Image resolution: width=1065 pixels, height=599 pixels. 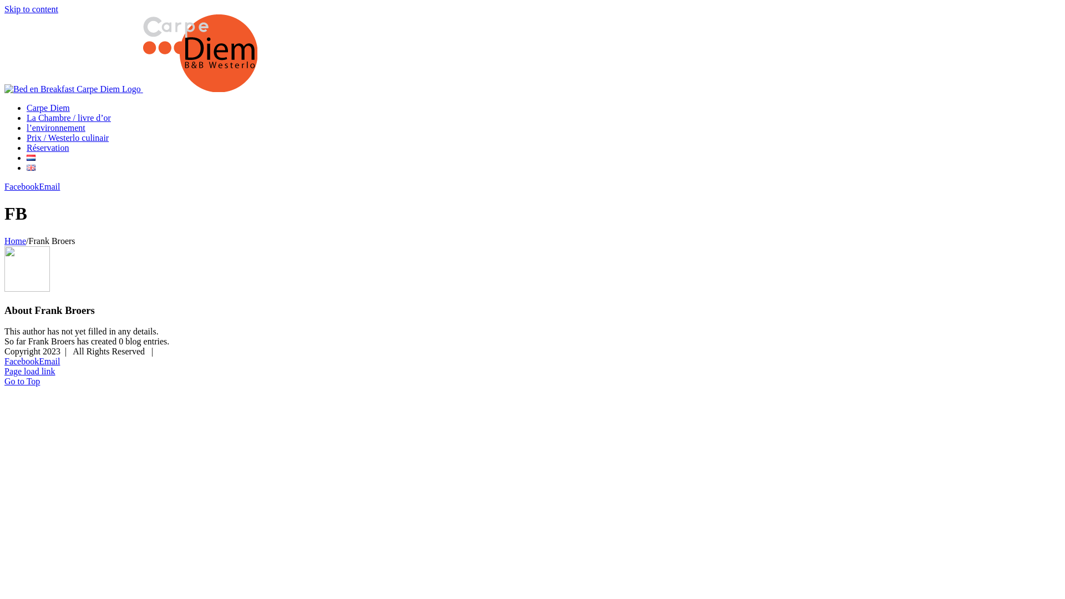 What do you see at coordinates (67, 137) in the screenshot?
I see `'Prix / Westerlo culinair'` at bounding box center [67, 137].